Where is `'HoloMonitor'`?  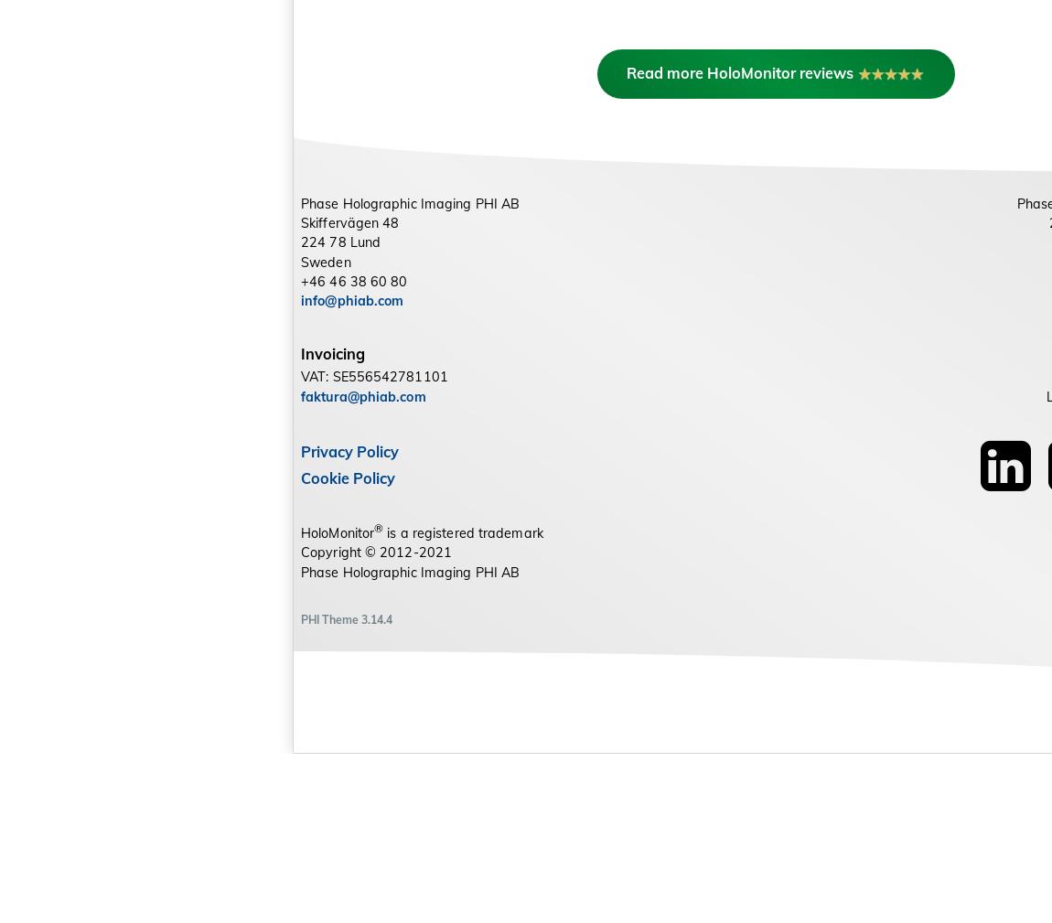
'HoloMonitor' is located at coordinates (338, 702).